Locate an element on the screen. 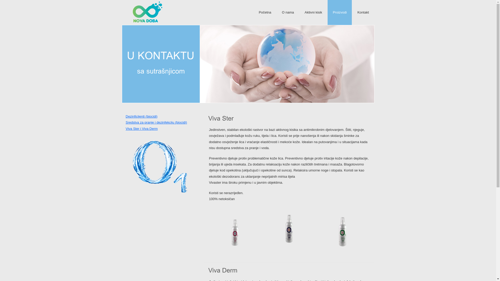 Image resolution: width=500 pixels, height=281 pixels. 'Aktivni kisik' is located at coordinates (299, 12).